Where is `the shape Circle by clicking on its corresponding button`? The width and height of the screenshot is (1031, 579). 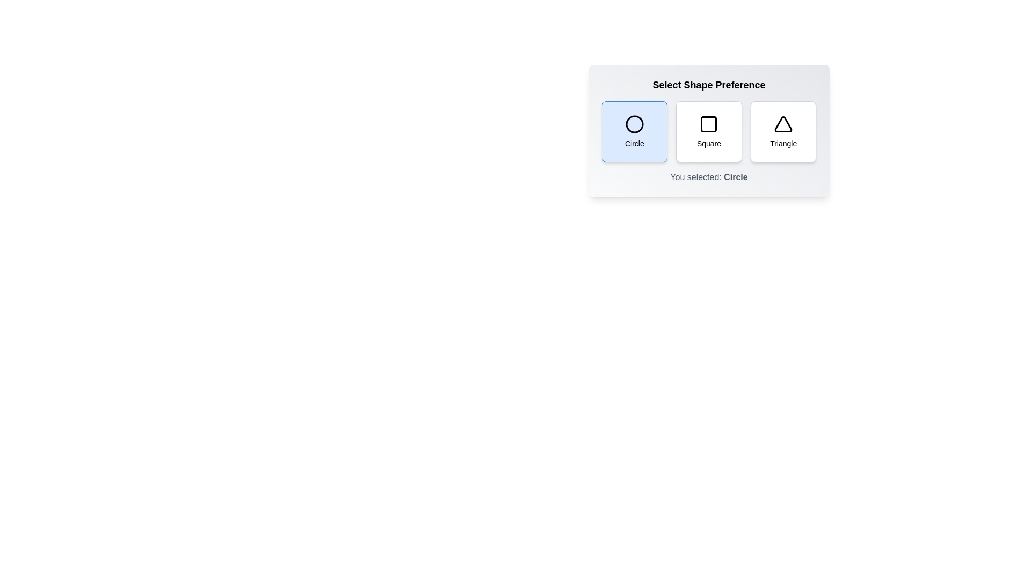
the shape Circle by clicking on its corresponding button is located at coordinates (634, 131).